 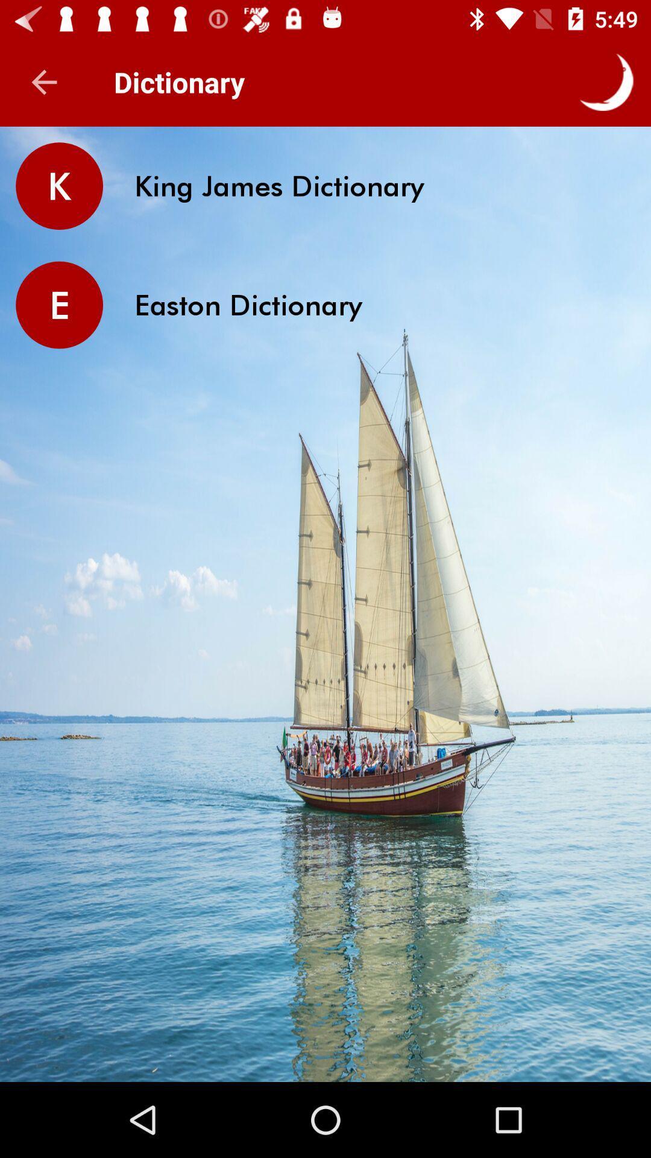 What do you see at coordinates (606, 81) in the screenshot?
I see `set as night mode` at bounding box center [606, 81].